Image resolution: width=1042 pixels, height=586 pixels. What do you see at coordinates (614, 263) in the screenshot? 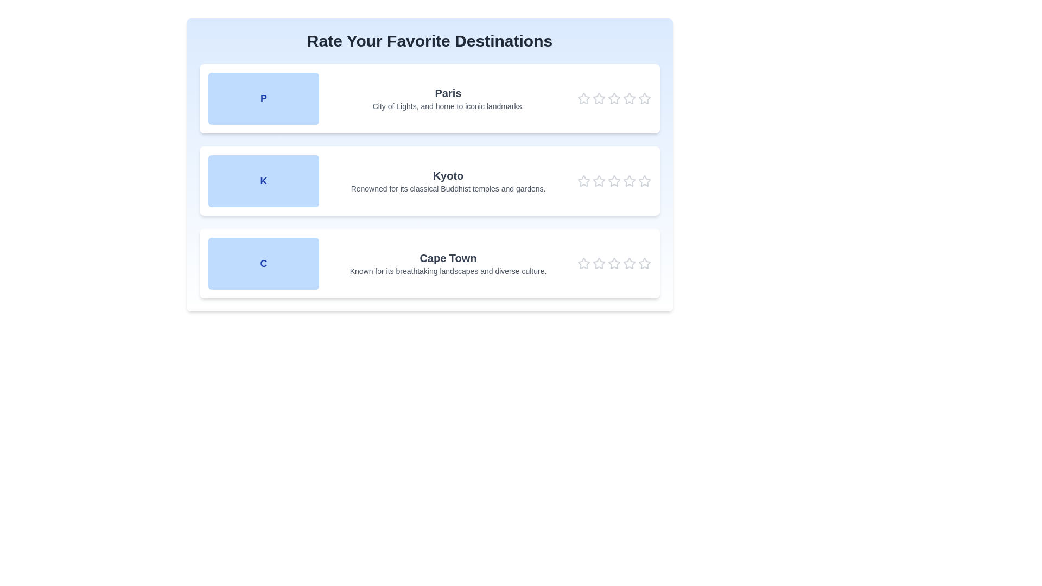
I see `the star icon located on the right side of the 'Cape Town' row in the rating bar to receive feedback` at bounding box center [614, 263].